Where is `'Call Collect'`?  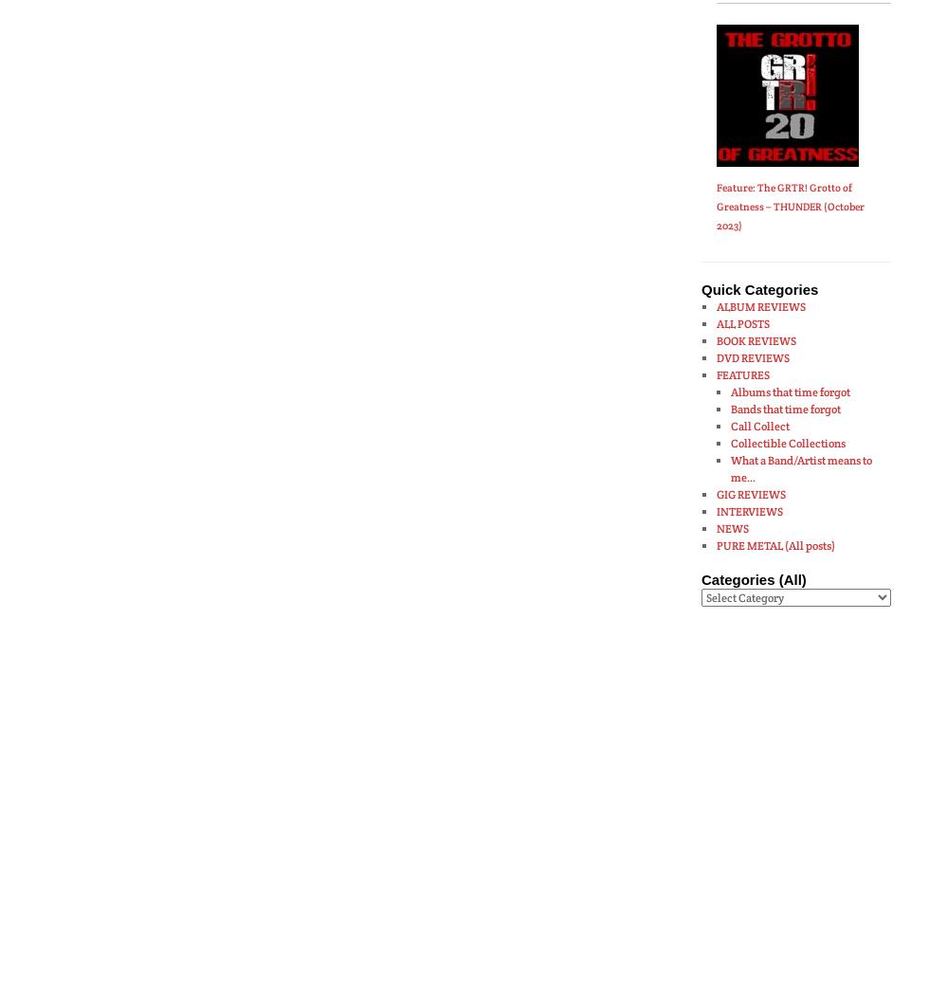 'Call Collect' is located at coordinates (730, 425).